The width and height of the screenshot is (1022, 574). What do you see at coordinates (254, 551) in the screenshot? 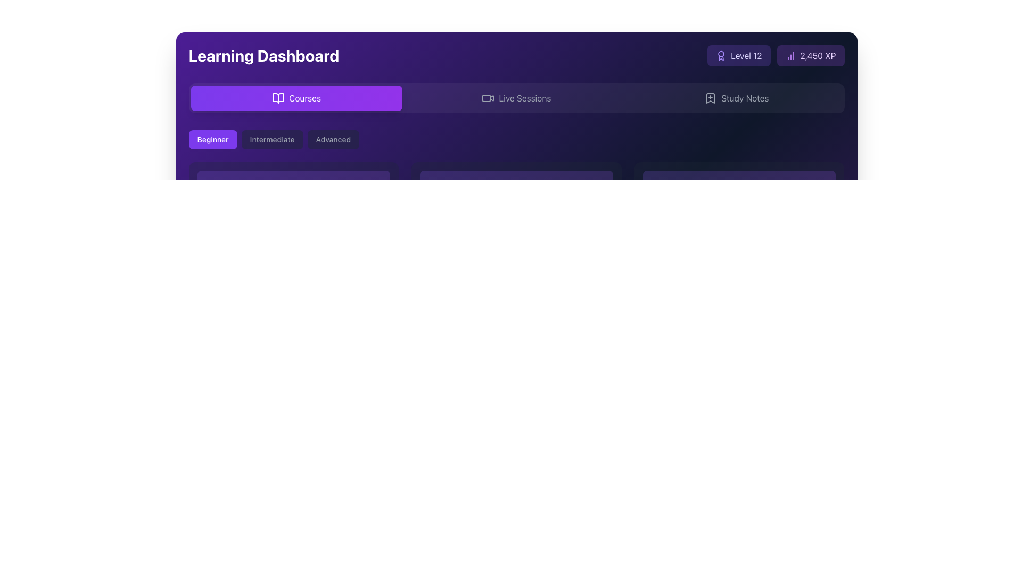
I see `the progress bar segment, which is a gray horizontal bar with rounded ends located at the bottom of the interface, indicating task completion percentage` at bounding box center [254, 551].